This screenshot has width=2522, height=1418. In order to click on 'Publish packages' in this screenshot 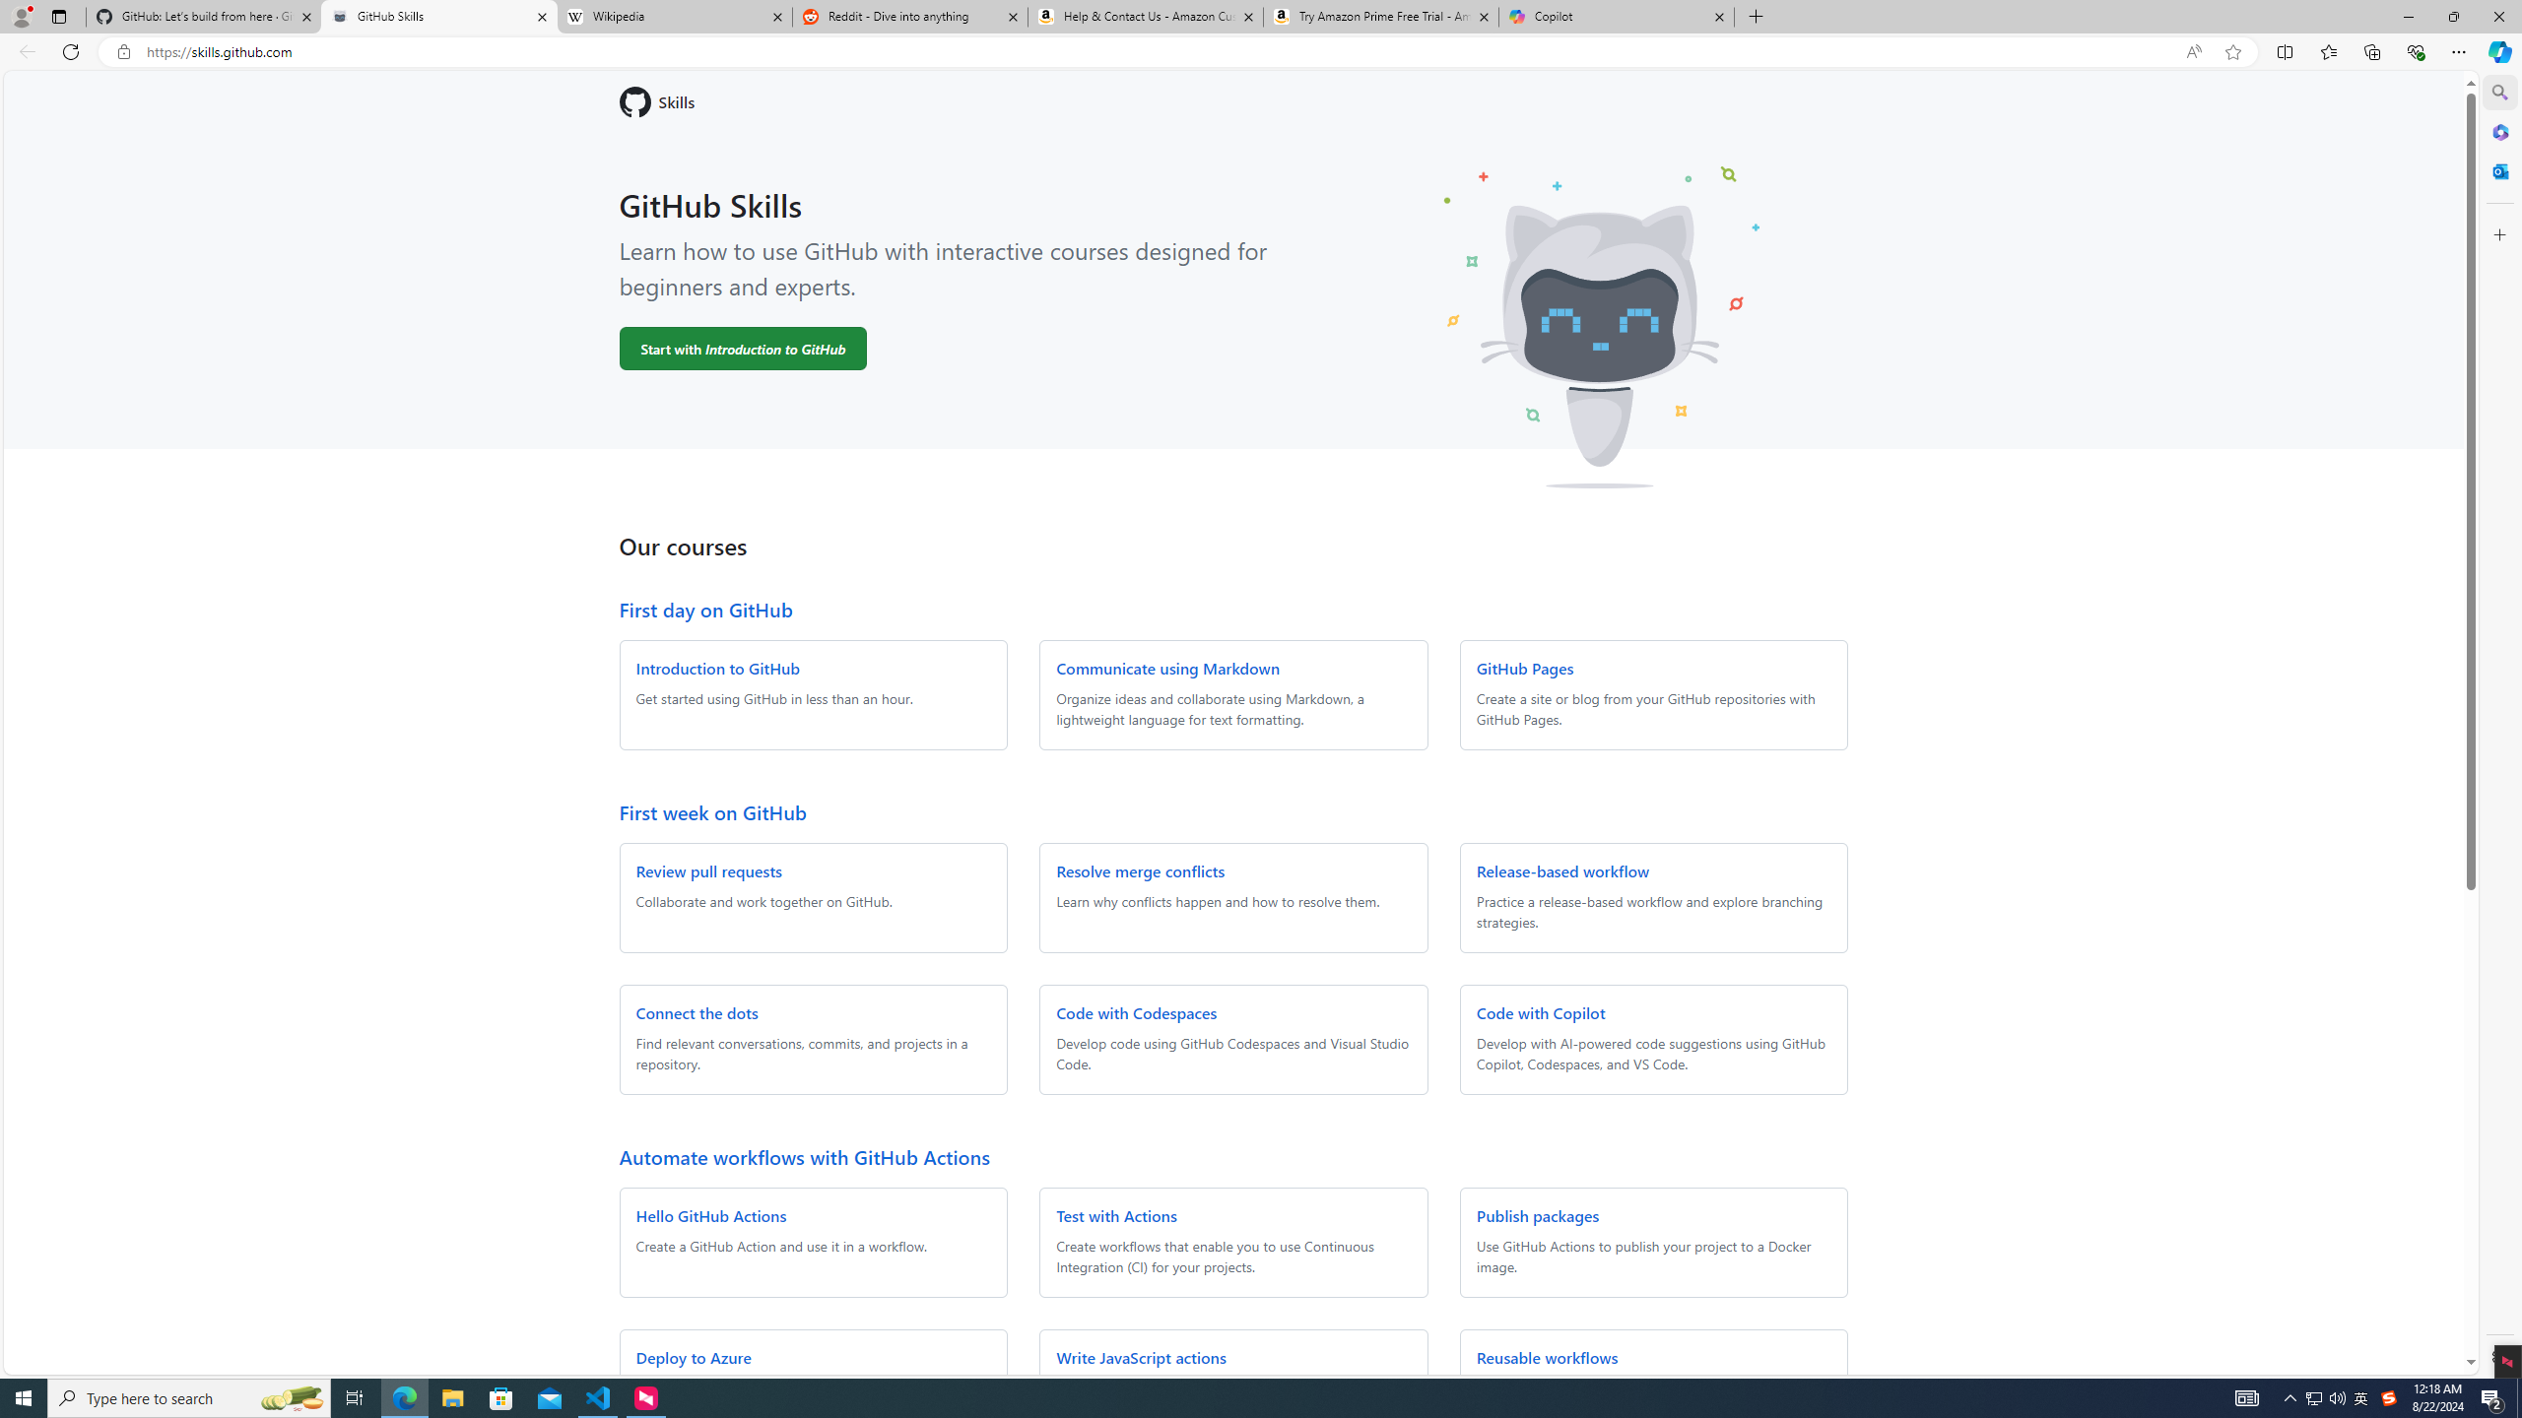, I will do `click(1537, 1214)`.